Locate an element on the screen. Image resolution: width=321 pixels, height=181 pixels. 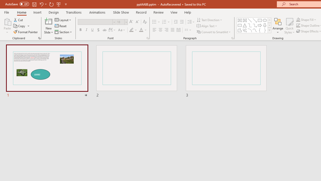
'Quick Styles' is located at coordinates (289, 26).